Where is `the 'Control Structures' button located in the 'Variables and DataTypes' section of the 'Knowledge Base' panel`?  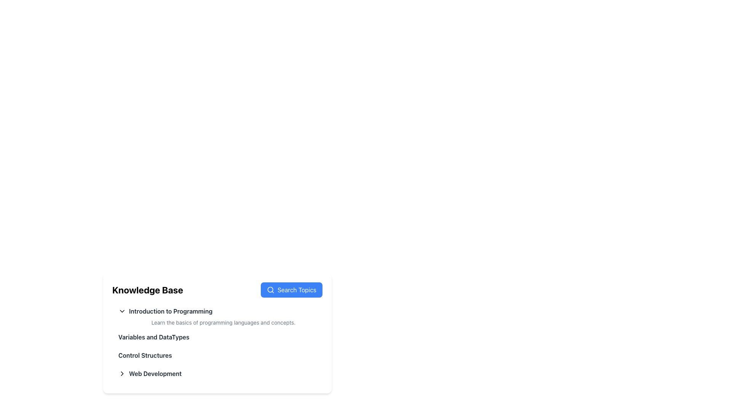
the 'Control Structures' button located in the 'Variables and DataTypes' section of the 'Knowledge Base' panel is located at coordinates (145, 355).